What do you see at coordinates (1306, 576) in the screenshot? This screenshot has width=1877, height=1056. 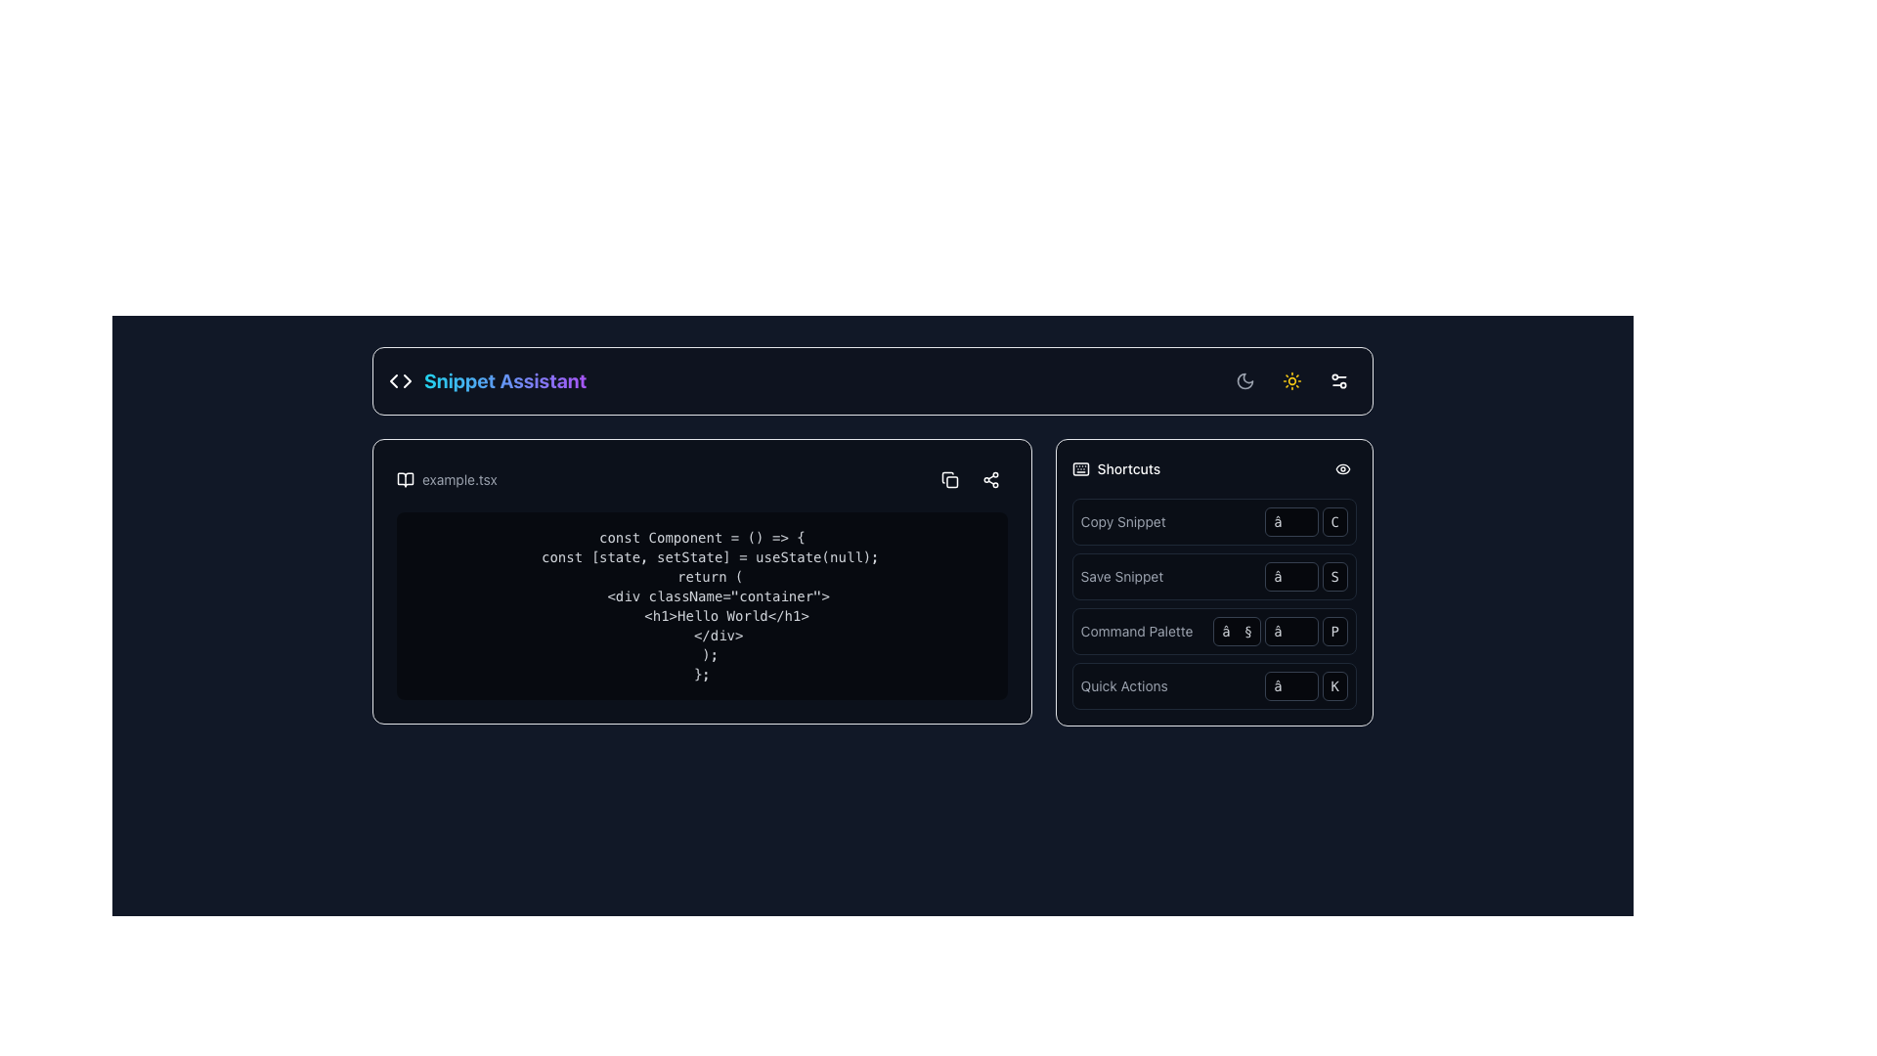 I see `the content of the Shortcut indicator that visually indicates the keyboard shortcut for the 'Save Snippet' action, which is '⌘S', located in the 'Shortcuts' section` at bounding box center [1306, 576].